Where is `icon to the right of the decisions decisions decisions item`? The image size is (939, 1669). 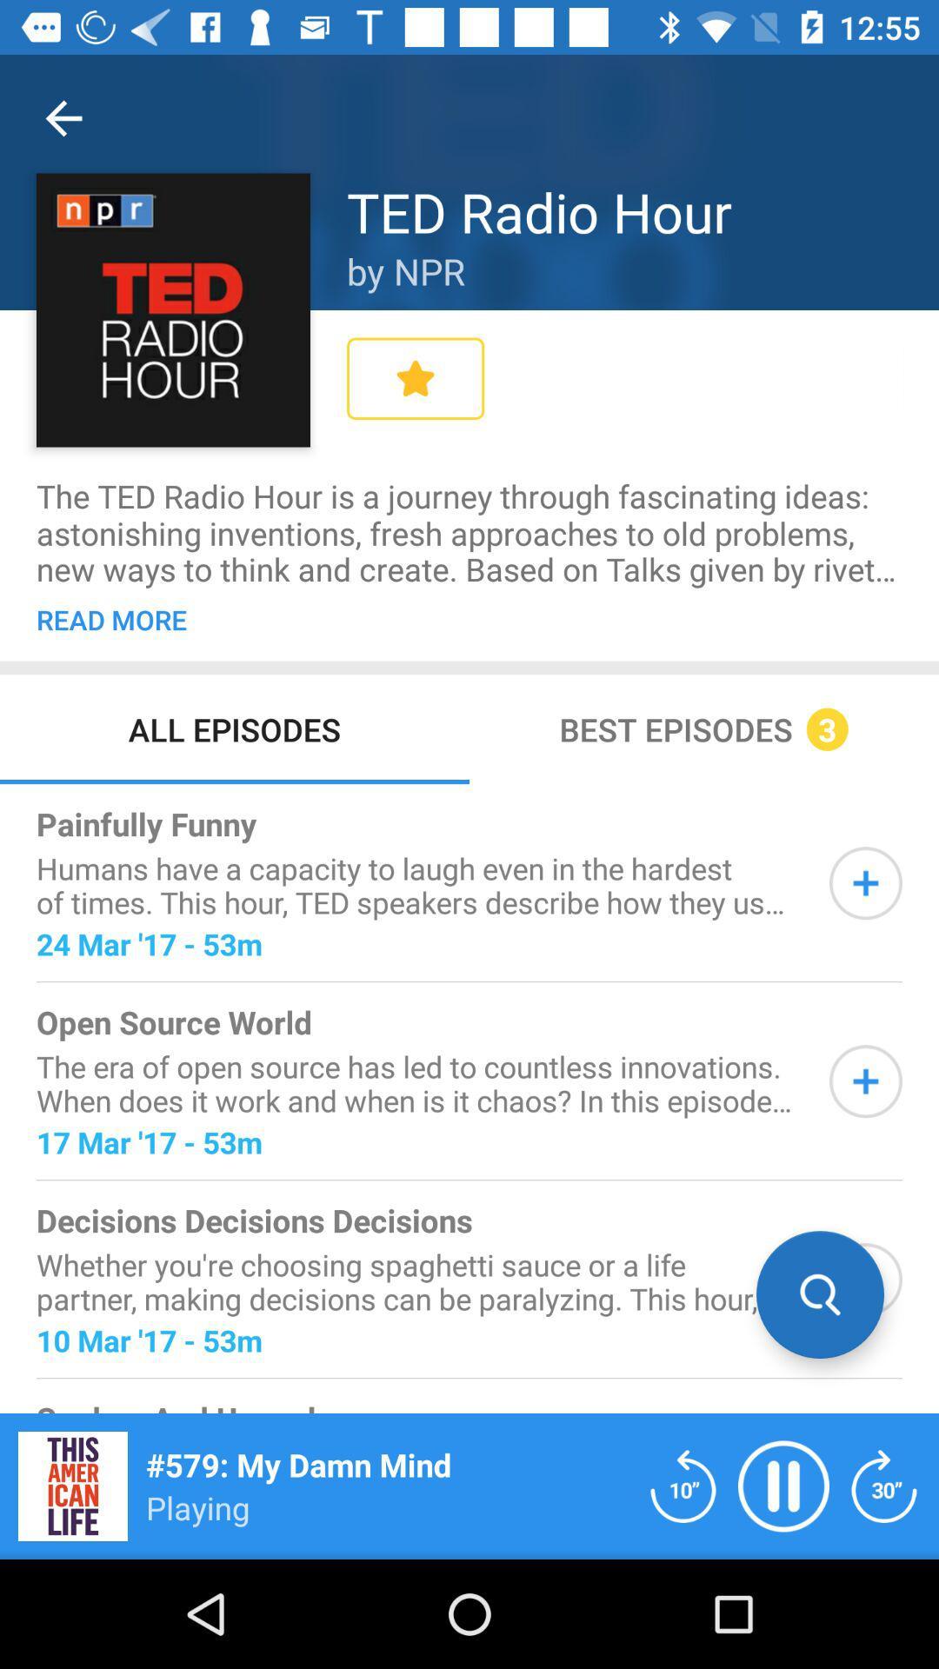
icon to the right of the decisions decisions decisions item is located at coordinates (820, 1294).